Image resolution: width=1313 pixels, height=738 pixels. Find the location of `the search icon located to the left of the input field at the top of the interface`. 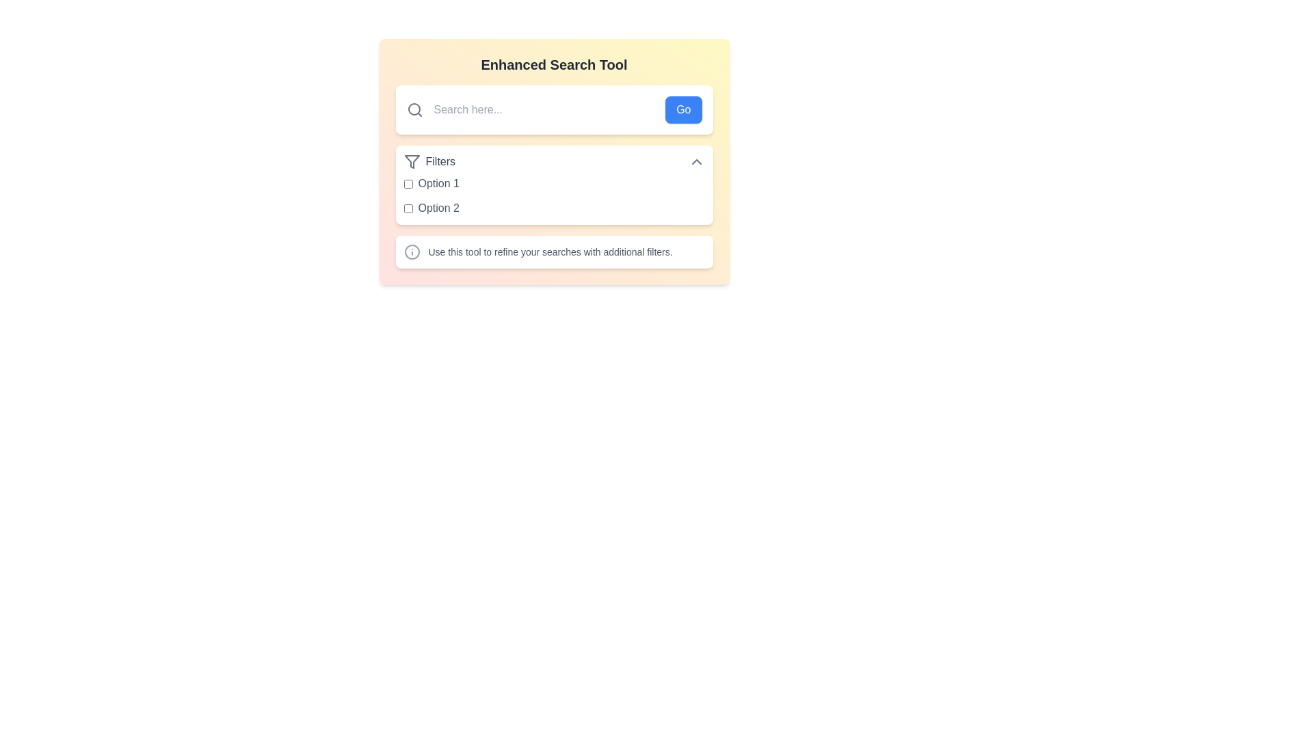

the search icon located to the left of the input field at the top of the interface is located at coordinates (414, 109).